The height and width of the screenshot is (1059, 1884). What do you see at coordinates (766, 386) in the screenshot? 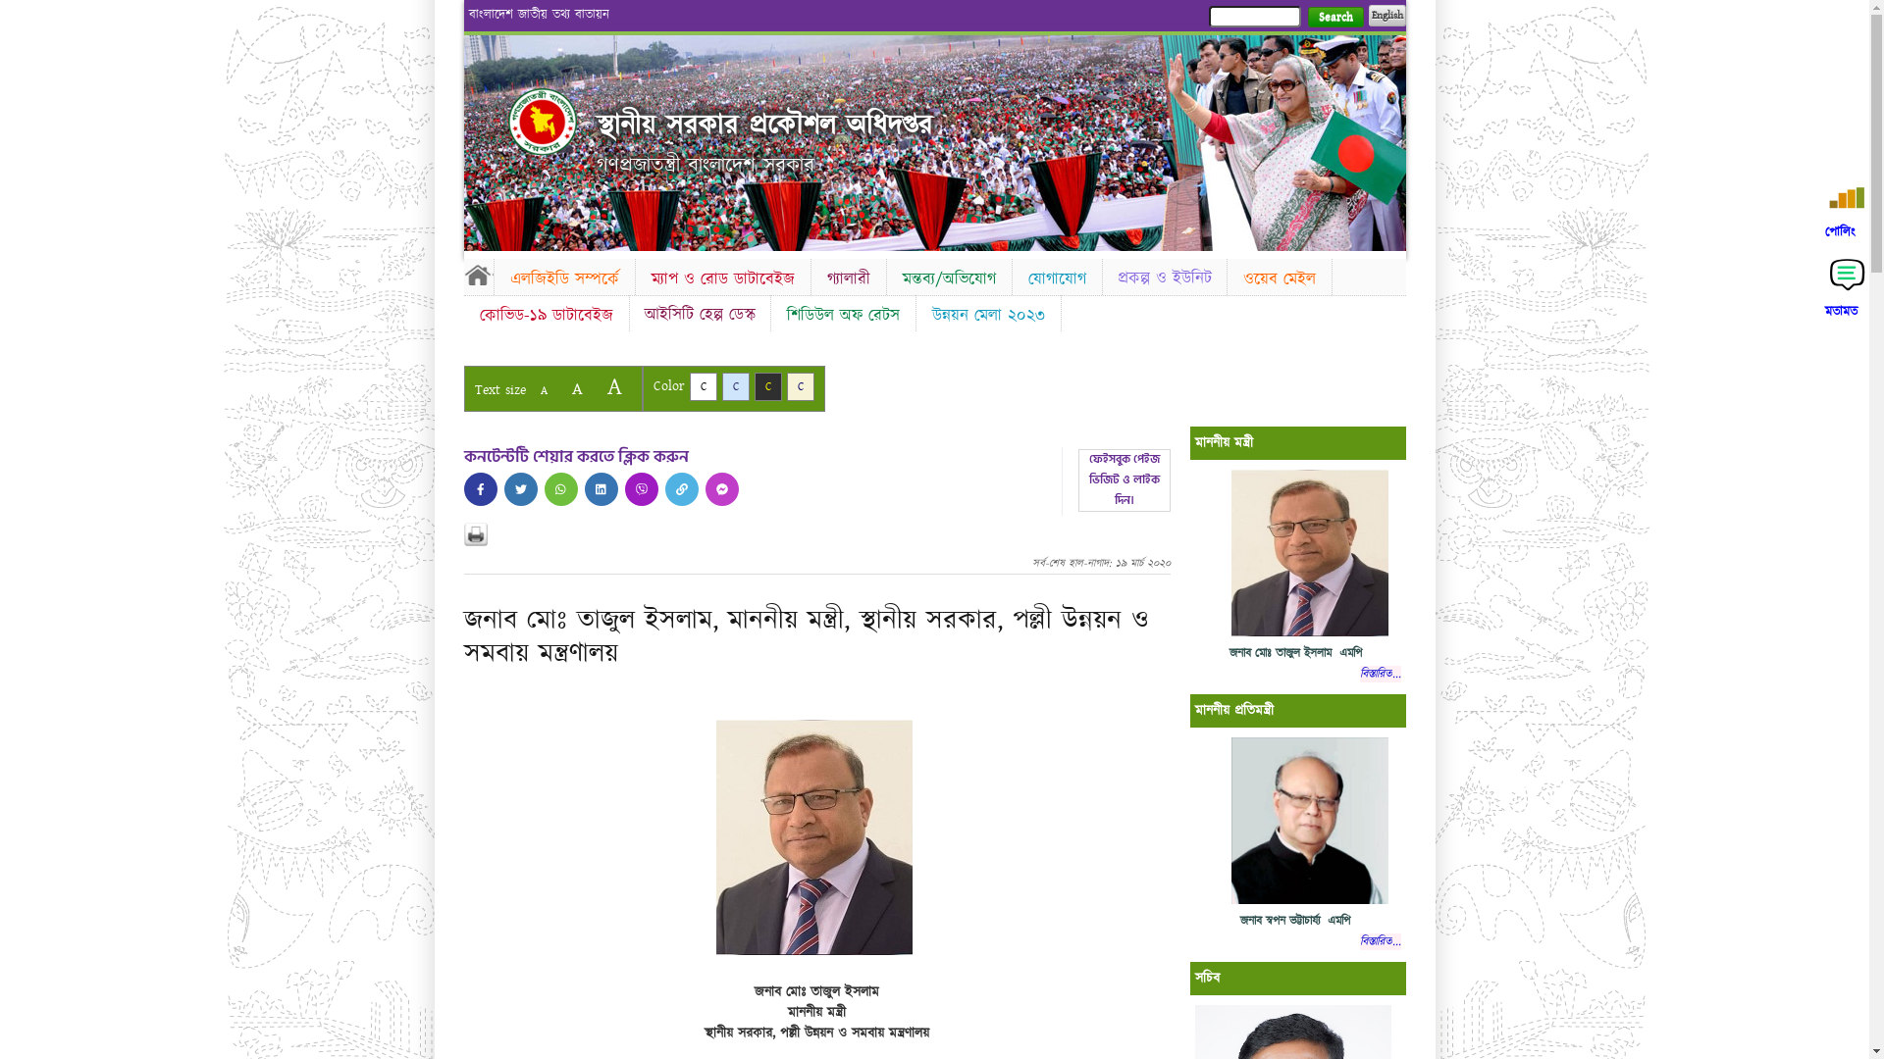
I see `'C'` at bounding box center [766, 386].